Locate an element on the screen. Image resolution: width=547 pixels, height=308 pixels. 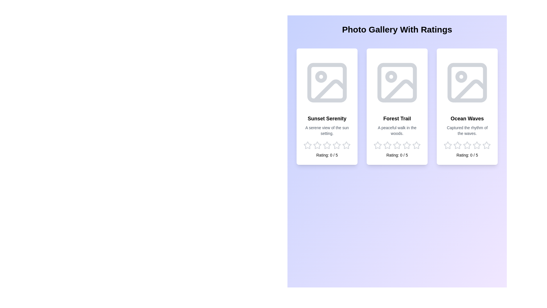
the star corresponding to the rating 5 for the image Forest Trail is located at coordinates (417, 145).